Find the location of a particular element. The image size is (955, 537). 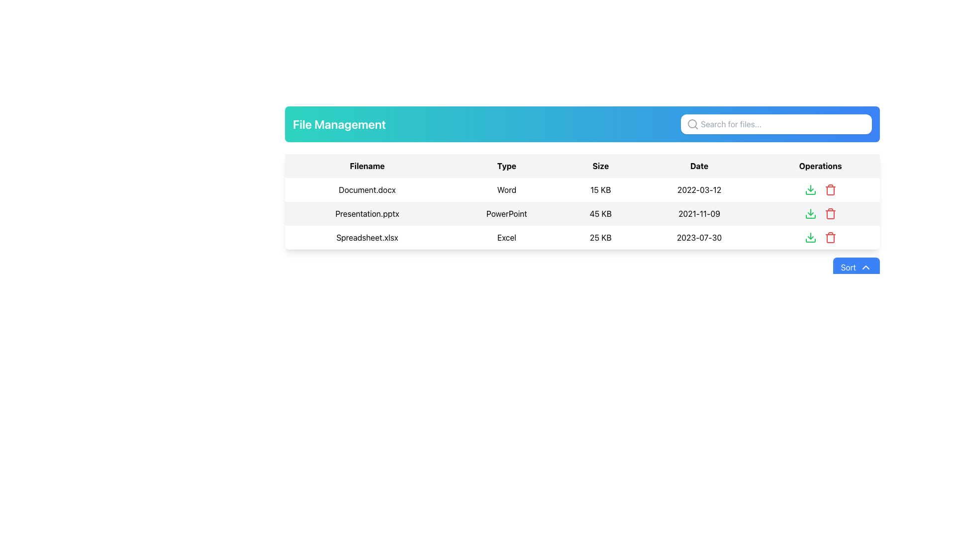

the static text element displaying '15 KB' in the 'File Management' table, located in the third column of the first row is located at coordinates (600, 189).